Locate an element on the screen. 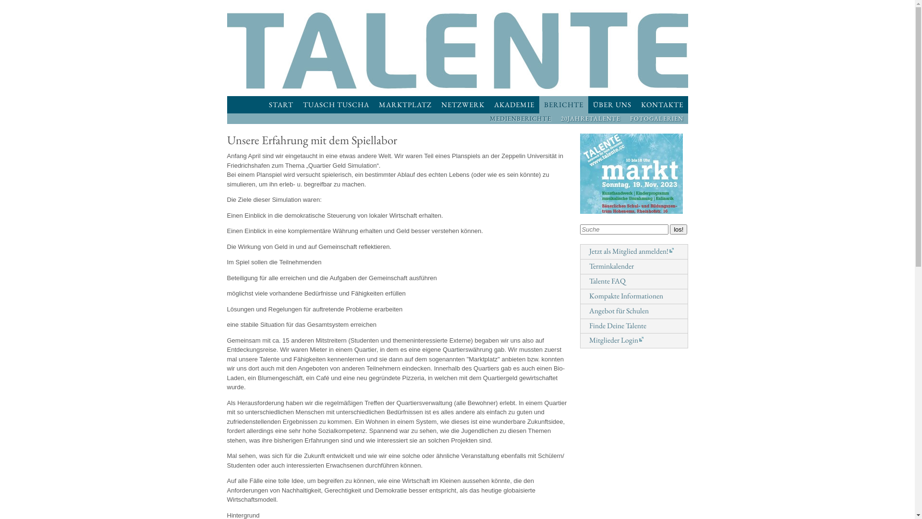  'Kompakte Informationen' is located at coordinates (622, 295).